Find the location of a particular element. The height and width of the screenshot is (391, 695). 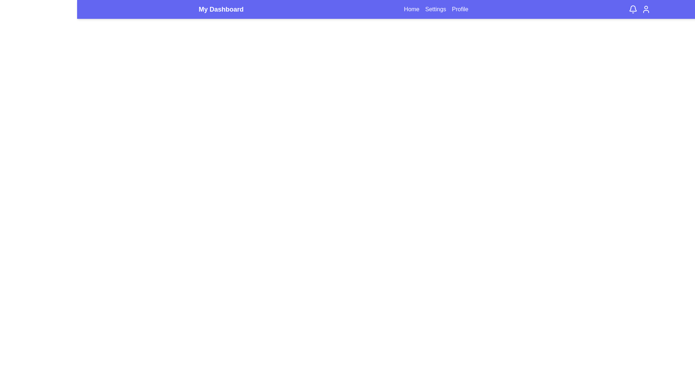

the 'Settings' menu item, which is the second item in the navigation bar with a blue background, displayed in white text that changes to yellow on hover is located at coordinates (435, 9).